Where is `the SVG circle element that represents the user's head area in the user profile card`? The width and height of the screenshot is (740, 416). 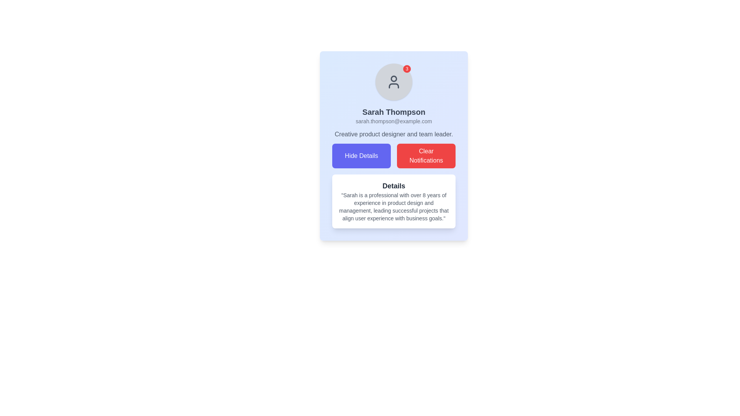
the SVG circle element that represents the user's head area in the user profile card is located at coordinates (394, 79).